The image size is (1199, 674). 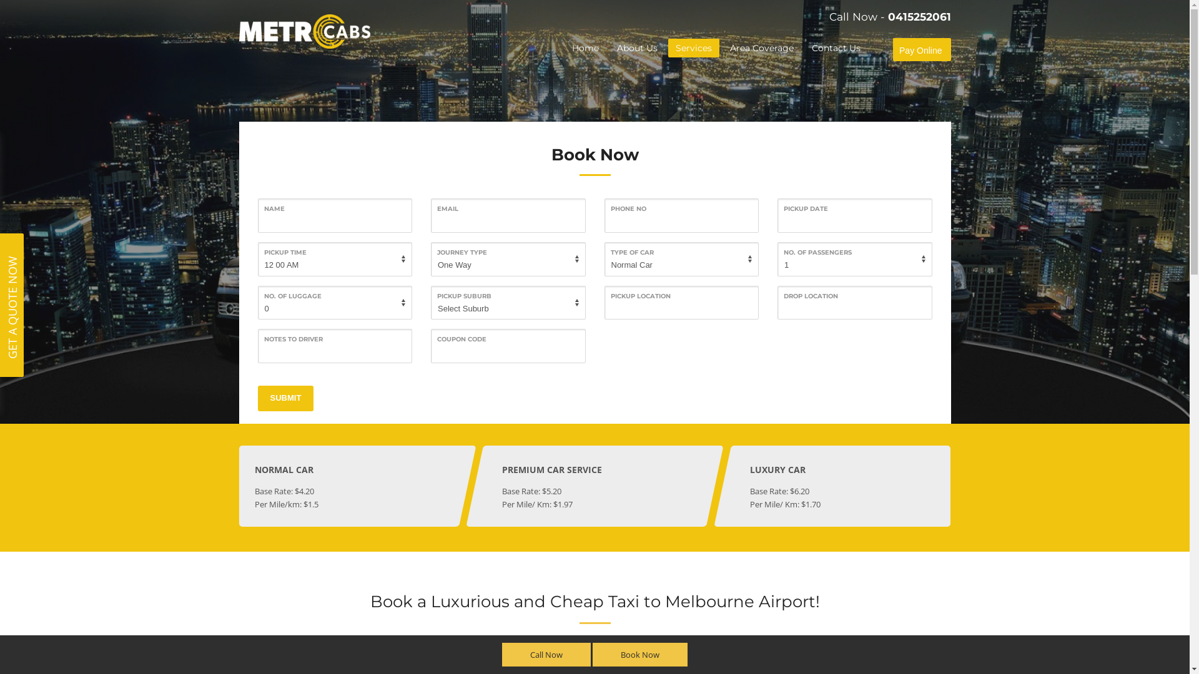 What do you see at coordinates (640, 654) in the screenshot?
I see `'Book Now'` at bounding box center [640, 654].